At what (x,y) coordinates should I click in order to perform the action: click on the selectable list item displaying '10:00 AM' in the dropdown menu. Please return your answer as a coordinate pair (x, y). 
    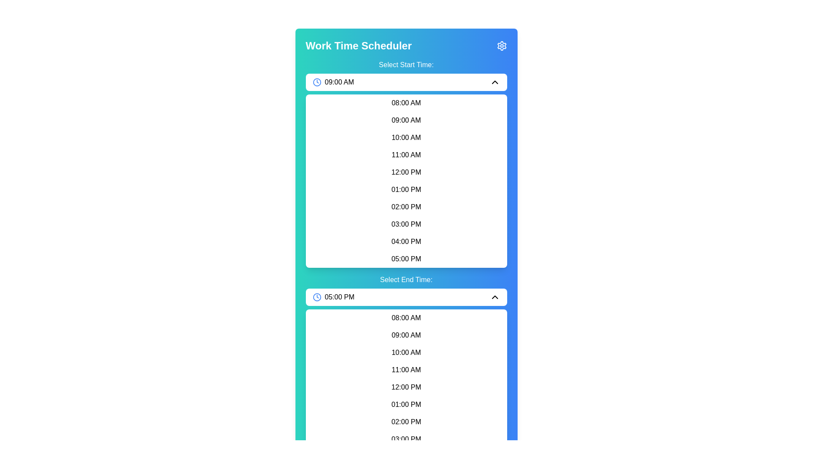
    Looking at the image, I should click on (406, 352).